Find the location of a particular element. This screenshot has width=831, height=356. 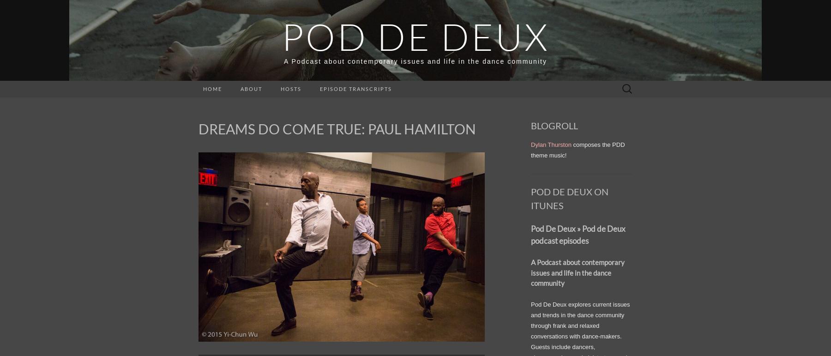

'DREAMS DO COME TRUE: PAUL HAMILTON' is located at coordinates (337, 128).